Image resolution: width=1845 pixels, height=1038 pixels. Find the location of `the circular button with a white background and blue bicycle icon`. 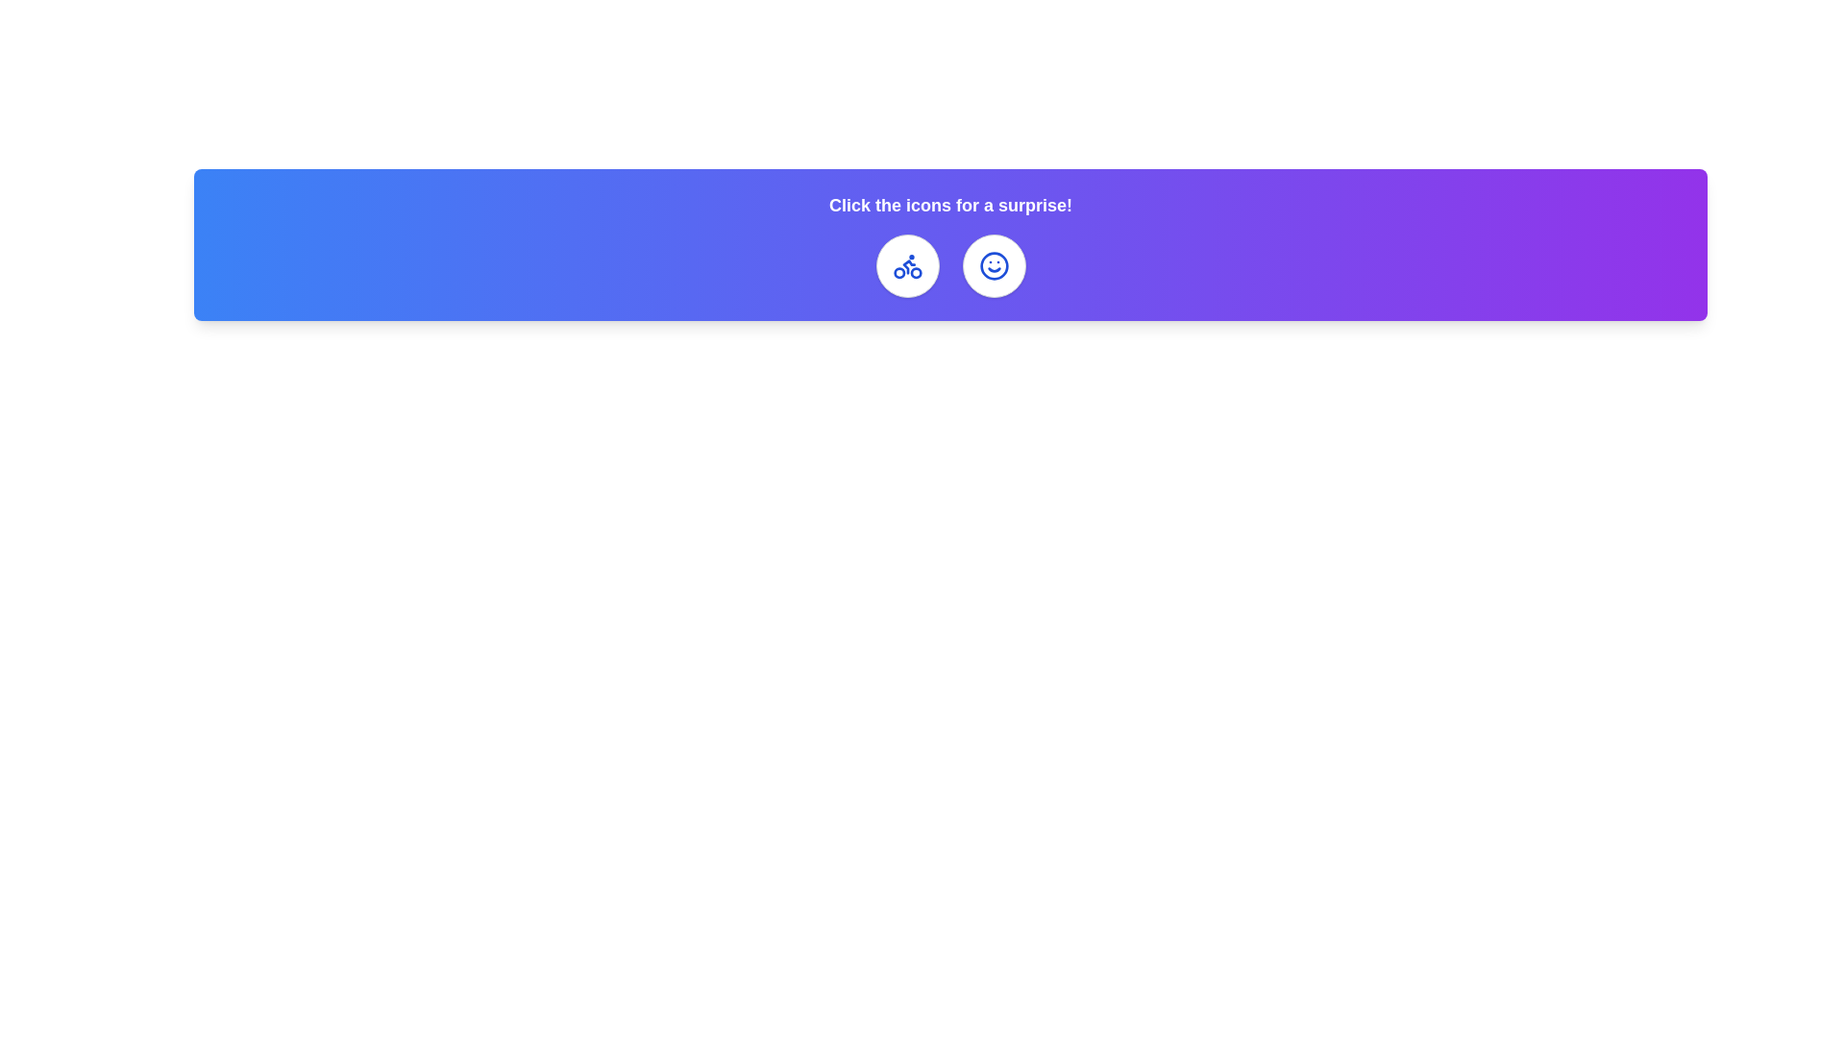

the circular button with a white background and blue bicycle icon is located at coordinates (906, 266).